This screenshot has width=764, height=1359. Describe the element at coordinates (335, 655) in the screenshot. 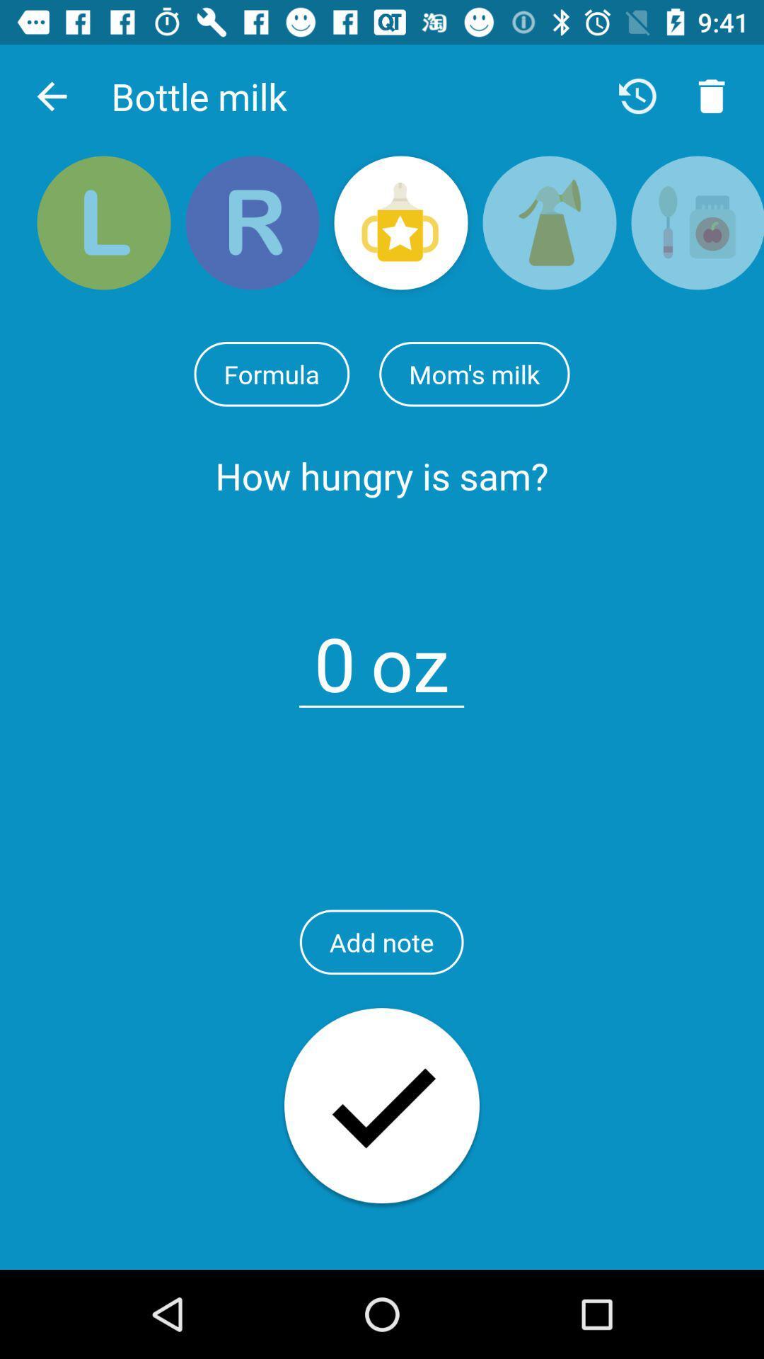

I see `ounces` at that location.